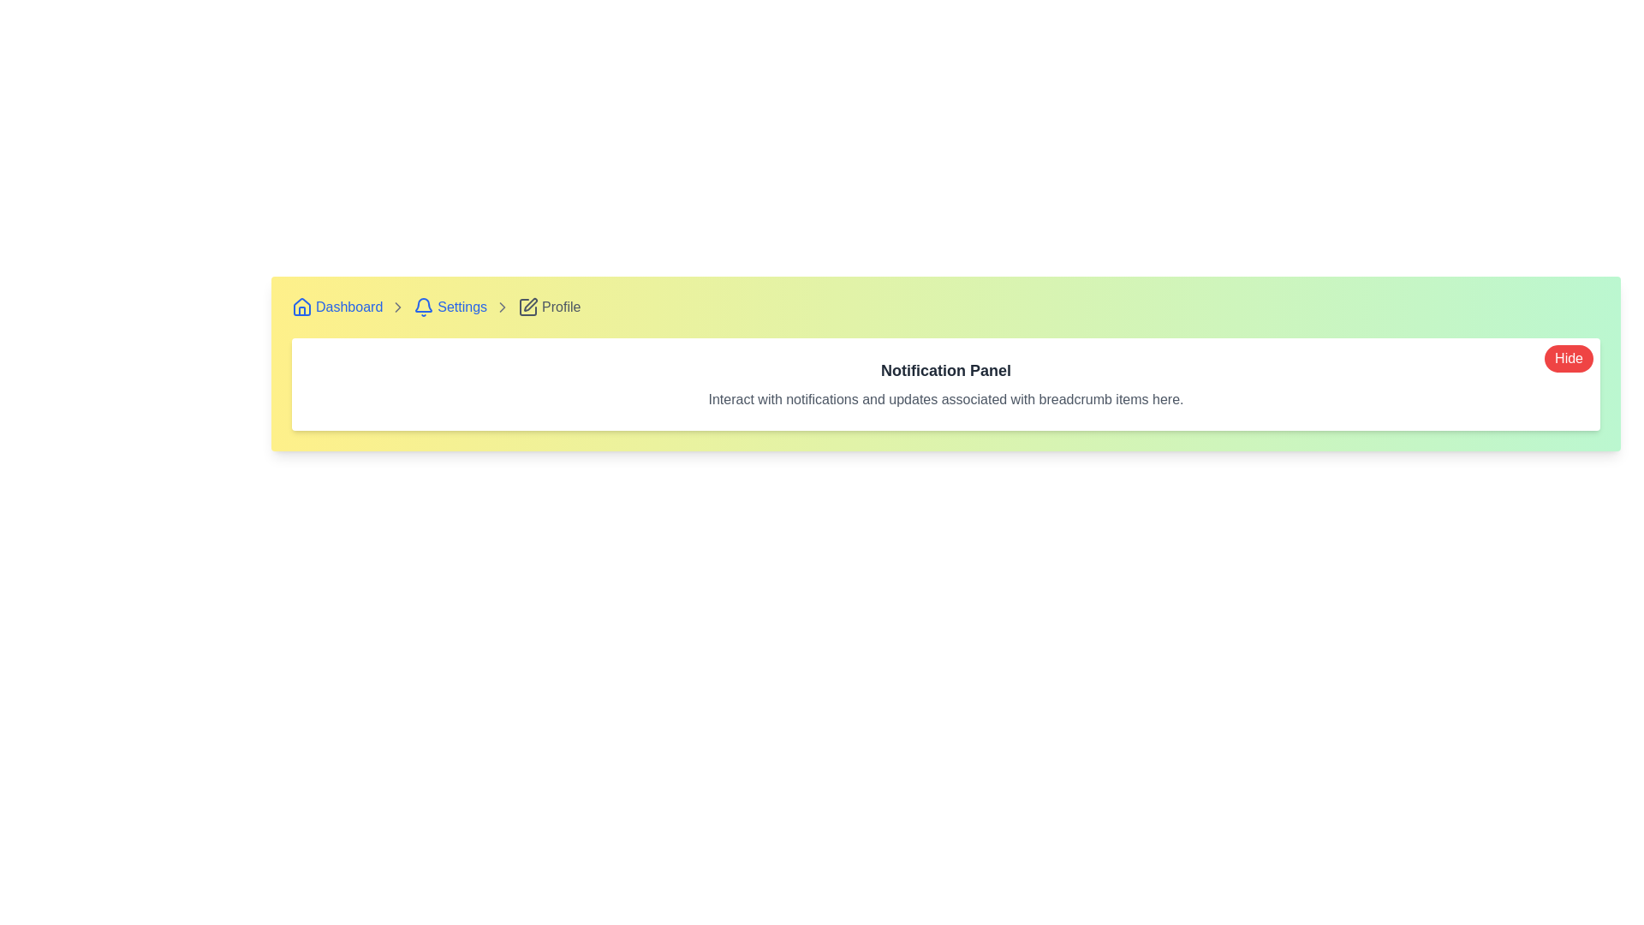 The width and height of the screenshot is (1644, 925). What do you see at coordinates (462, 306) in the screenshot?
I see `the 'Settings' text link` at bounding box center [462, 306].